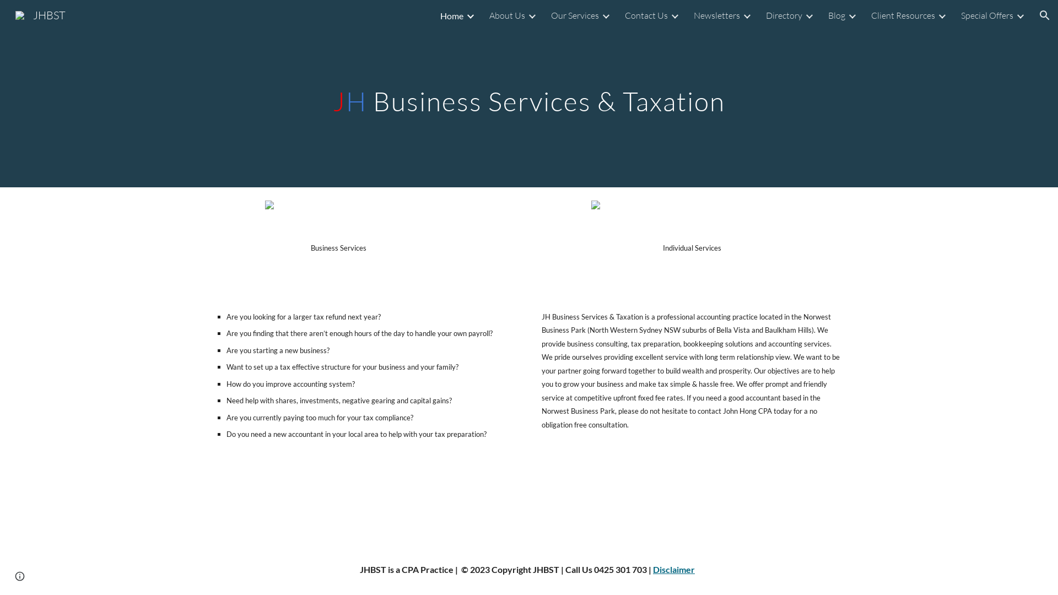 This screenshot has height=595, width=1058. I want to click on 'Expand/Collapse', so click(531, 15).